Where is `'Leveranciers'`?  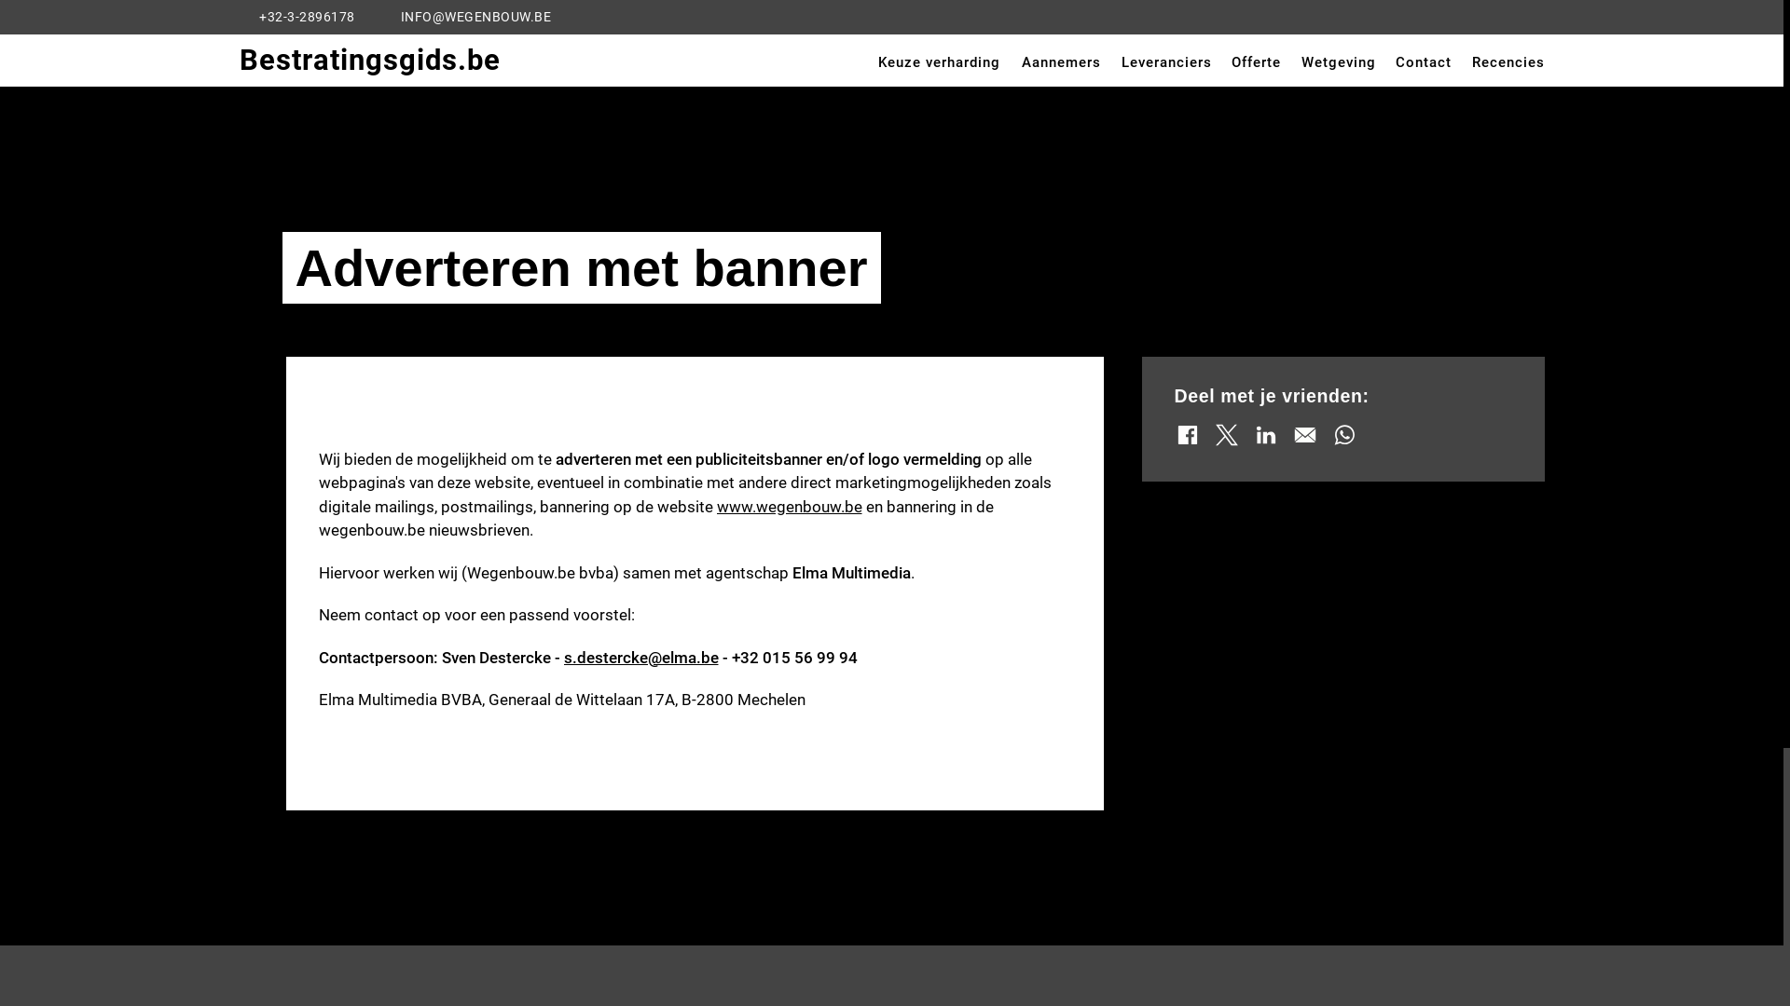 'Leveranciers' is located at coordinates (1165, 63).